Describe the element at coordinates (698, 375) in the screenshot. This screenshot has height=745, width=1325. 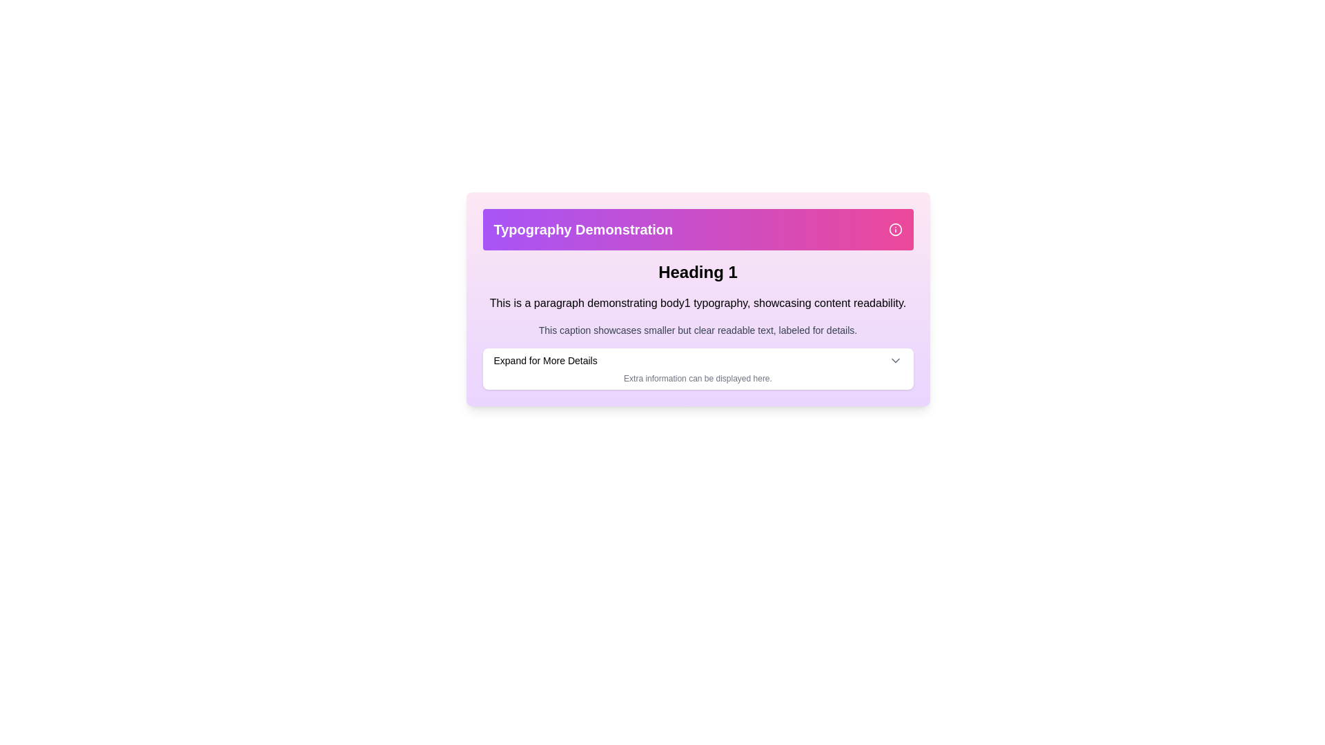
I see `the static text element that contains the text 'Extra information can be displayed here.' and is located directly beneath the 'Expand for More Details' button` at that location.